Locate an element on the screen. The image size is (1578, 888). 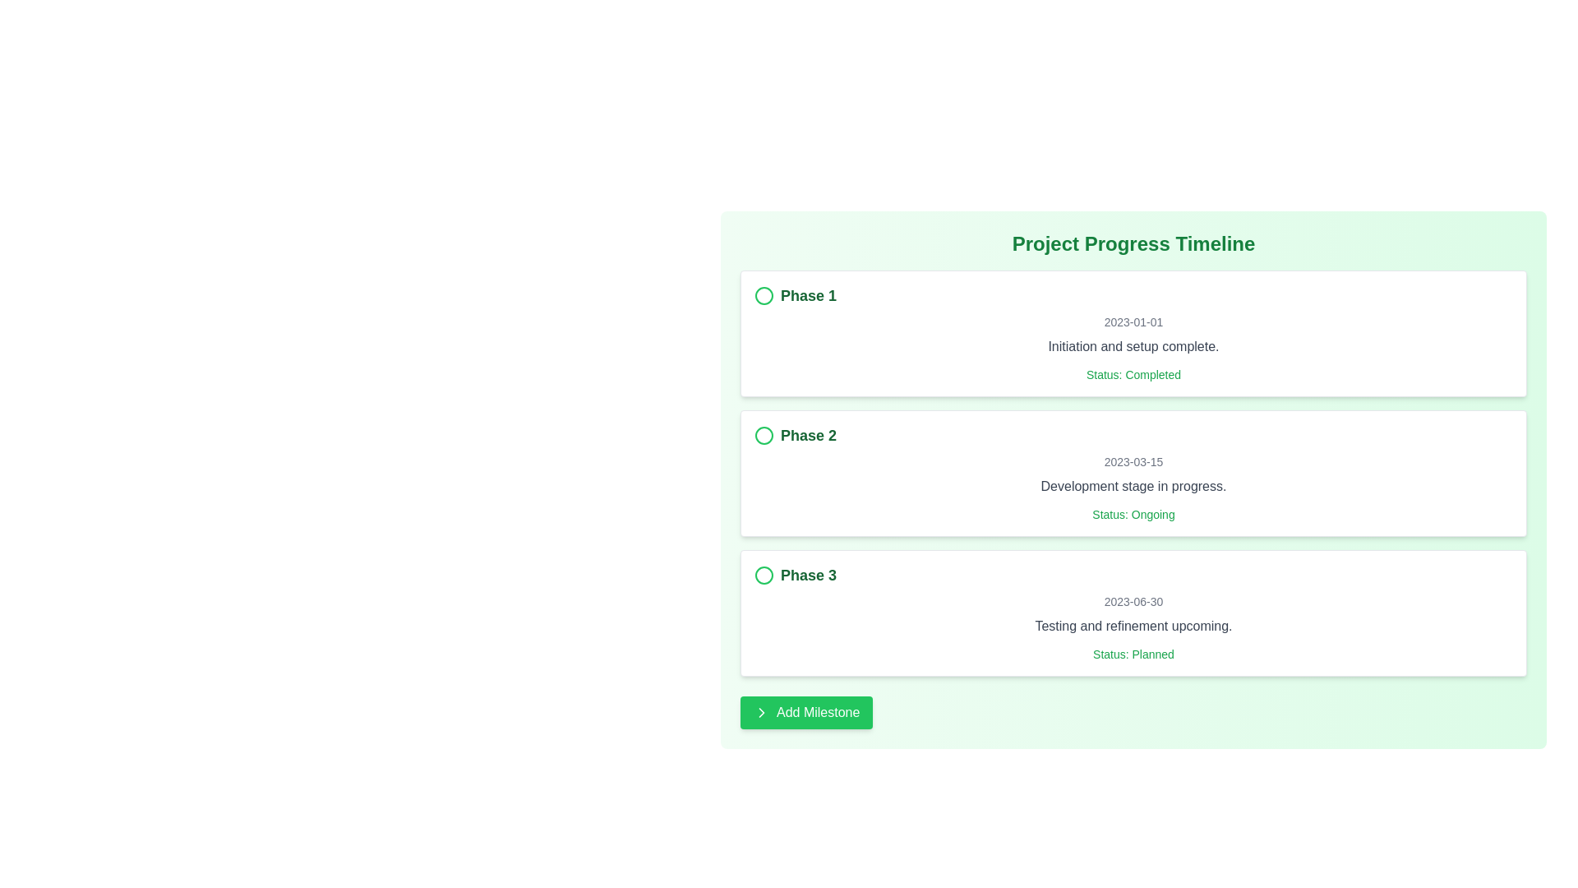
the label indicating the title or heading of the first milestone in the project timeline, located directly below the 'Project Progress Timeline' heading within the 'Phase 1' section is located at coordinates (808, 294).